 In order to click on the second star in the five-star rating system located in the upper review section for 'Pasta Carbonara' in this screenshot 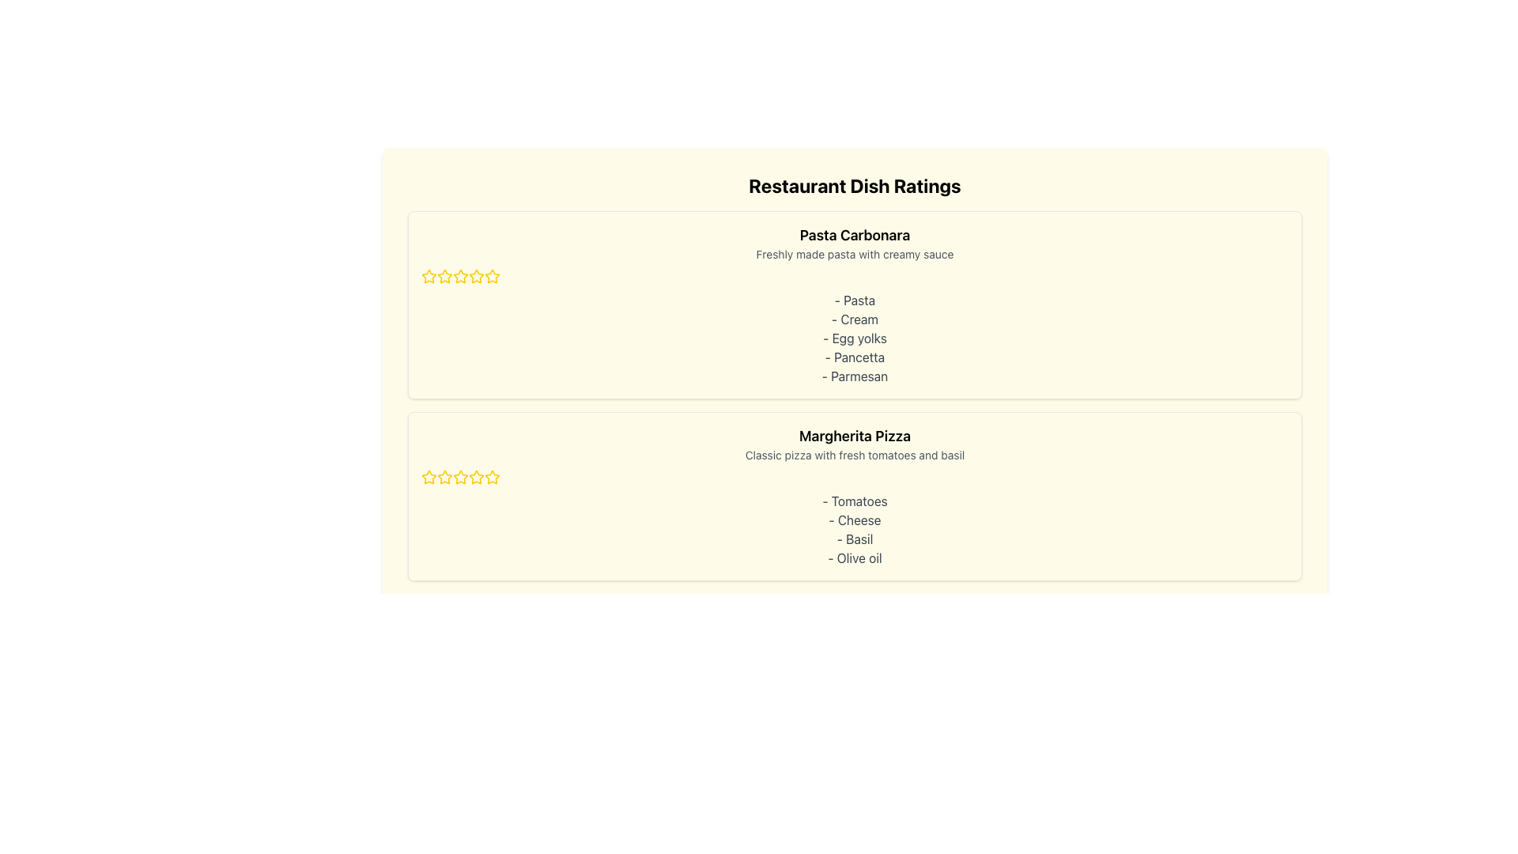, I will do `click(459, 275)`.